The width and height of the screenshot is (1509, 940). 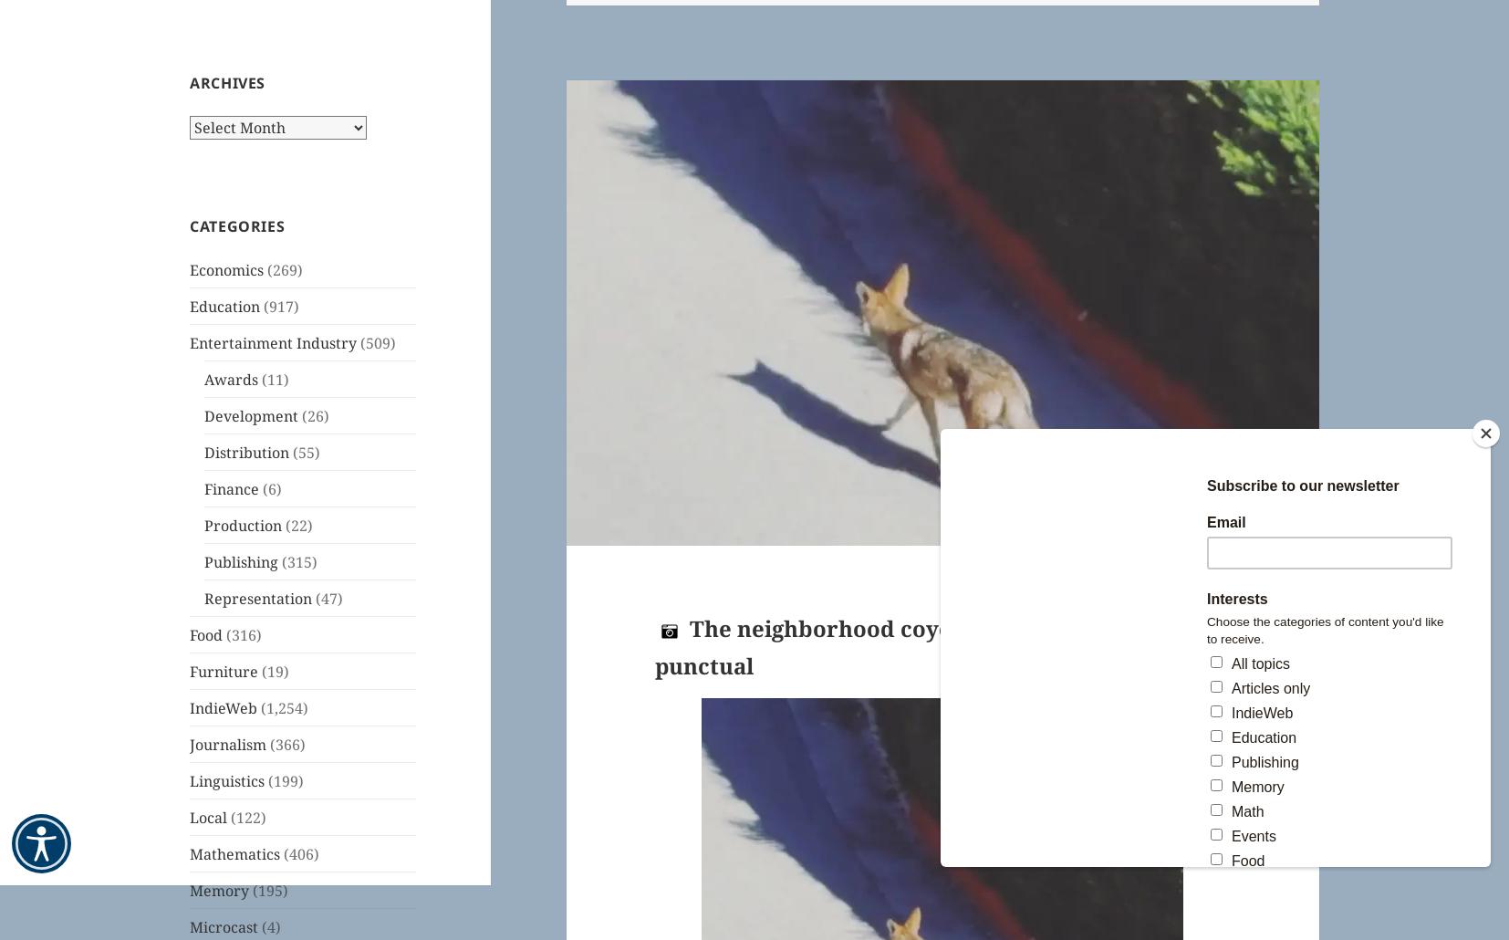 What do you see at coordinates (226, 81) in the screenshot?
I see `'Archives'` at bounding box center [226, 81].